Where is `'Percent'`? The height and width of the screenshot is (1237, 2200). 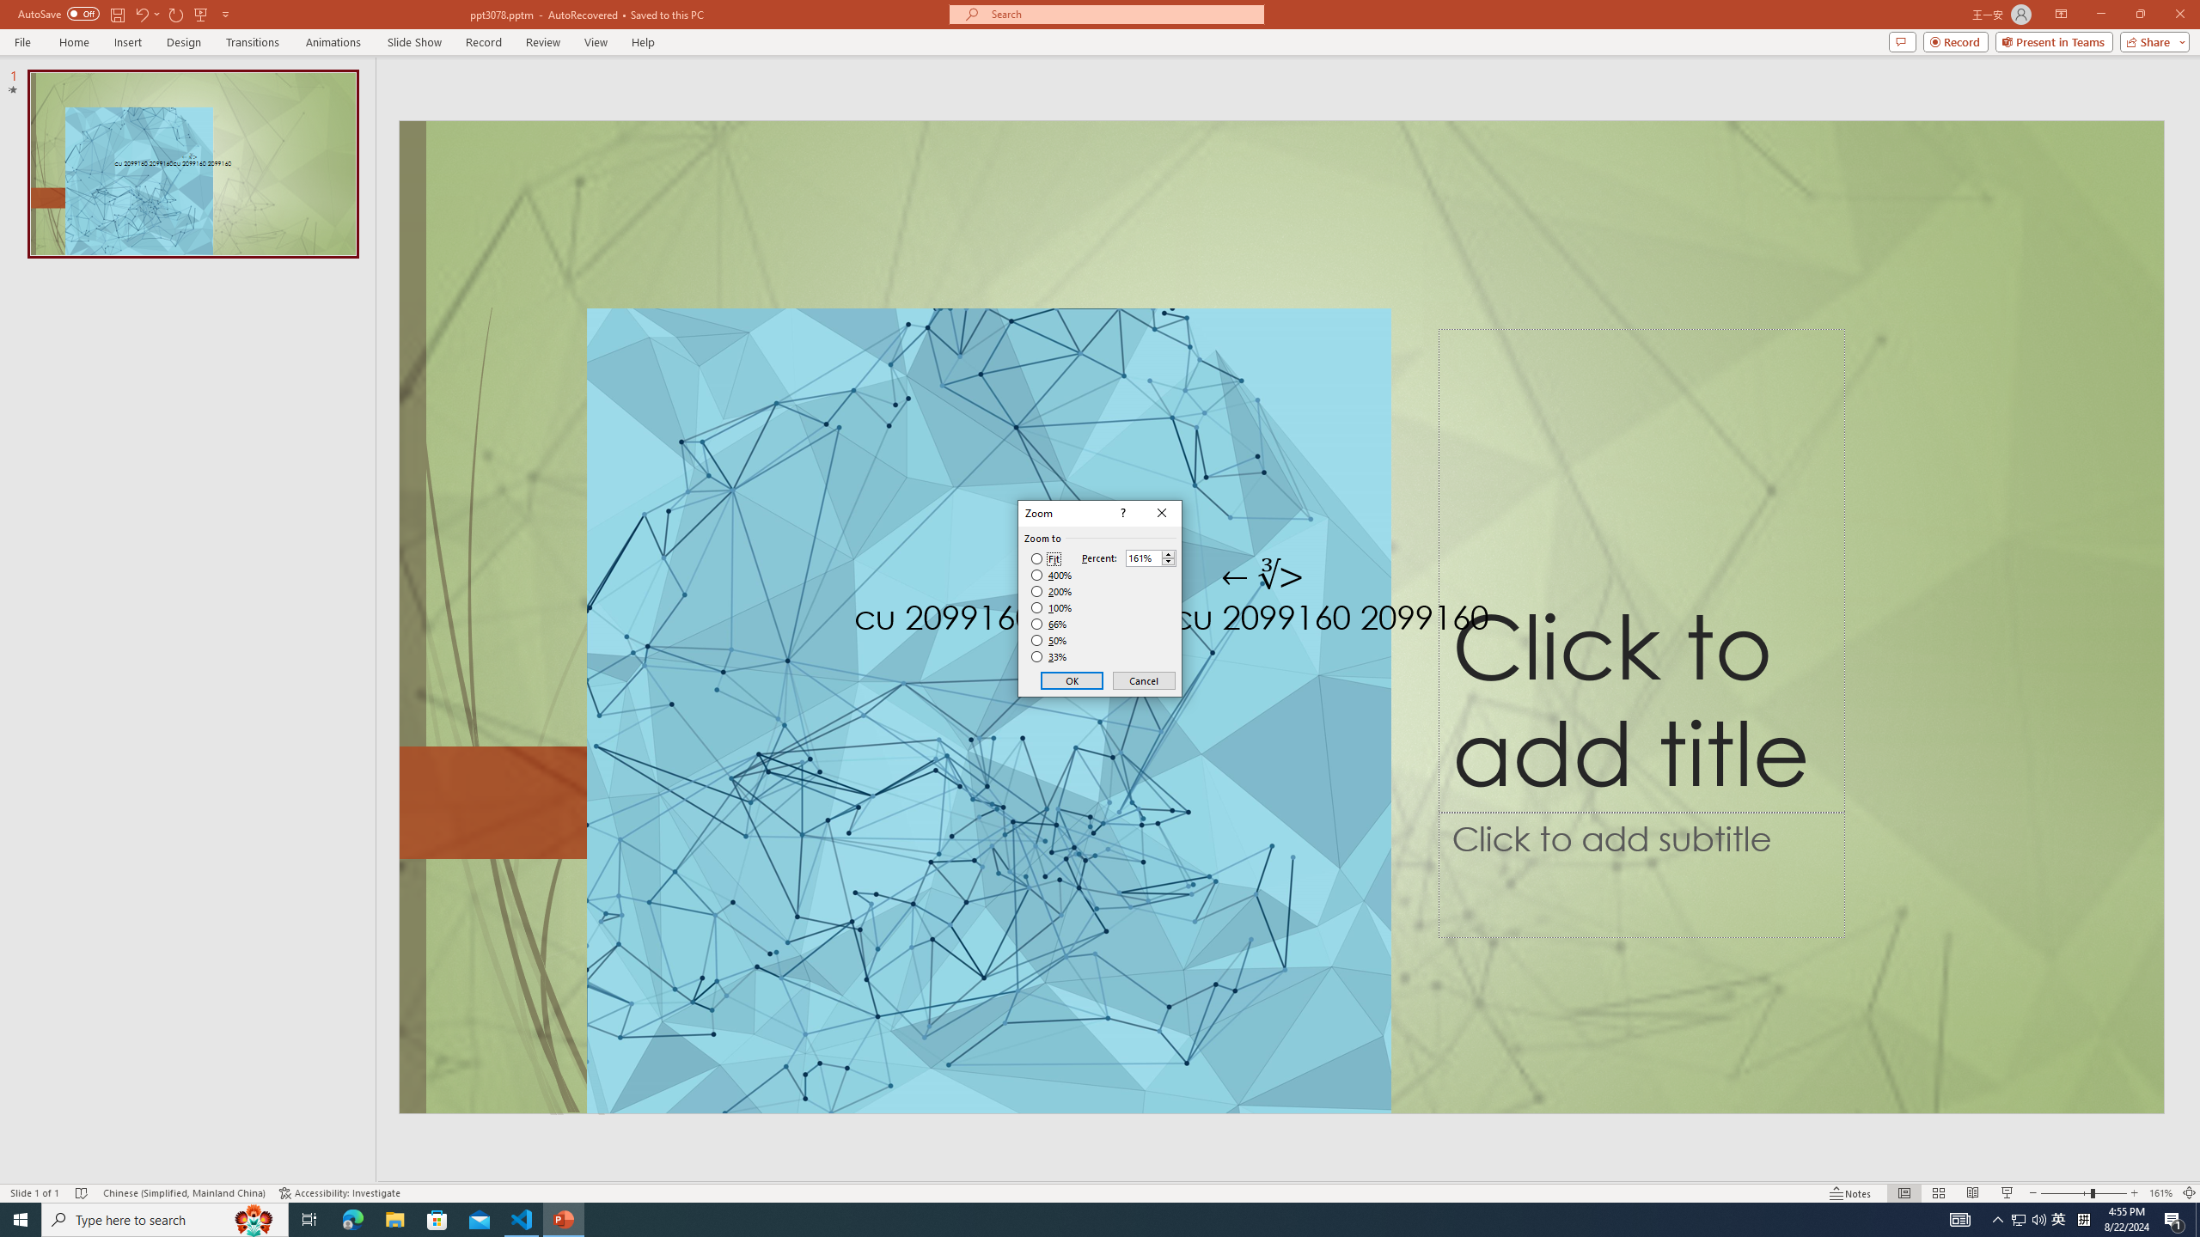 'Percent' is located at coordinates (1152, 557).